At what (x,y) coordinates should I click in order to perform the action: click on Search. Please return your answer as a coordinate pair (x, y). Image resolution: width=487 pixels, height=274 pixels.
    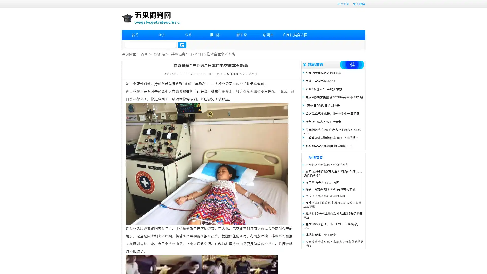
    Looking at the image, I should click on (182, 45).